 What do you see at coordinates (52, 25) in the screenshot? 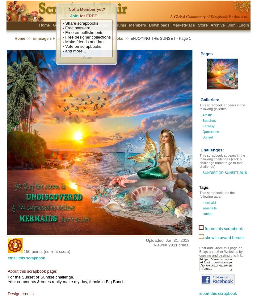
I see `'Galleries'` at bounding box center [52, 25].